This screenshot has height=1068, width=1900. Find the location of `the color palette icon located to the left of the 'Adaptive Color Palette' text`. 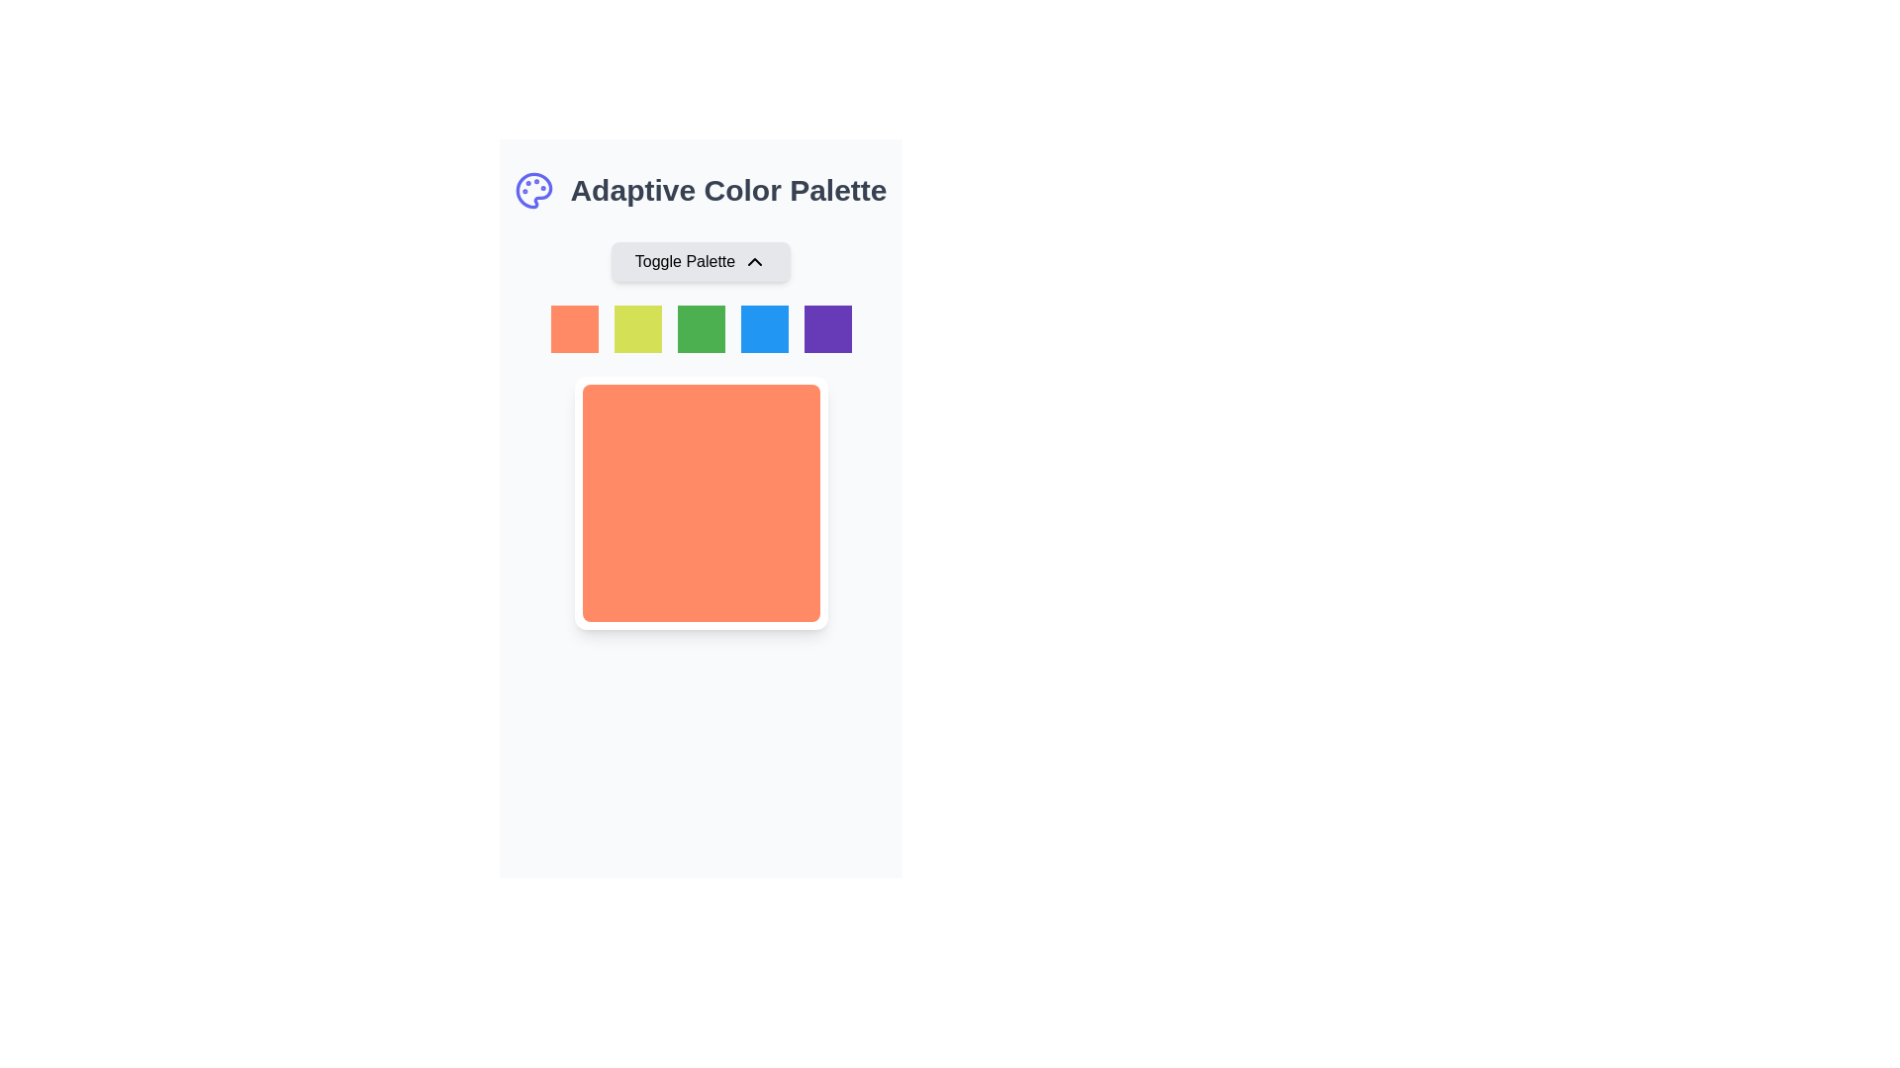

the color palette icon located to the left of the 'Adaptive Color Palette' text is located at coordinates (534, 190).